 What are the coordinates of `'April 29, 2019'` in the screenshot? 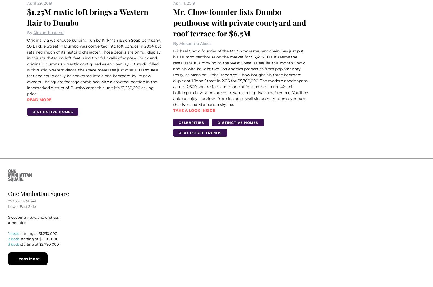 It's located at (27, 3).